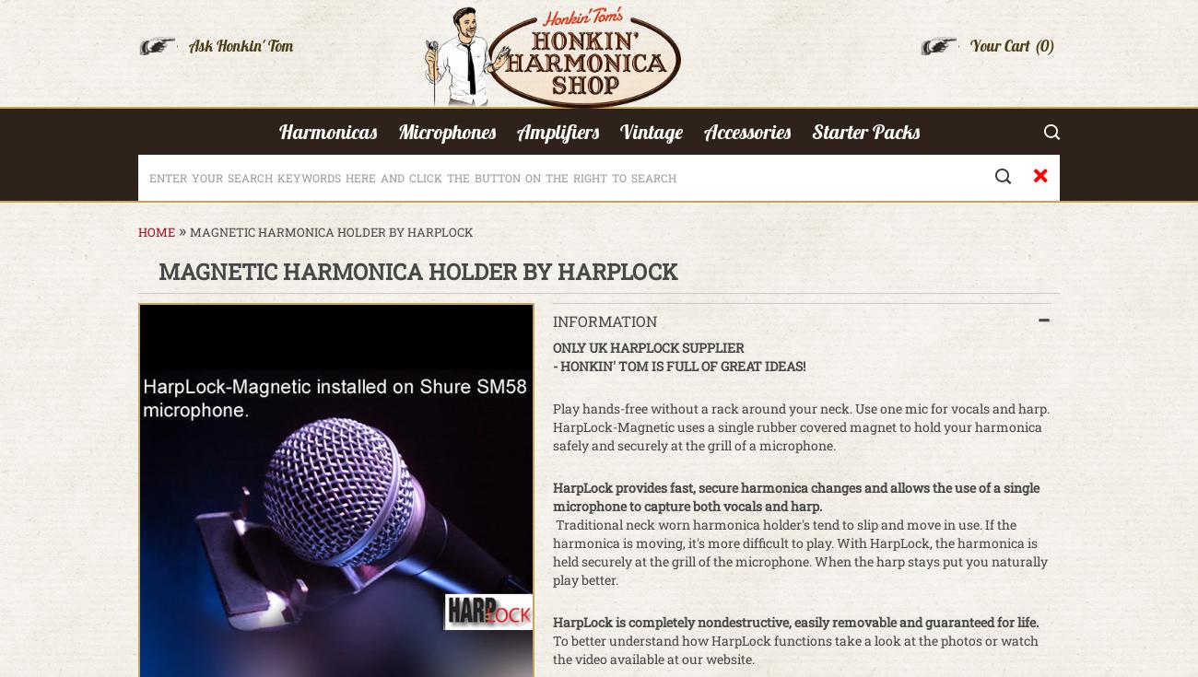  What do you see at coordinates (326, 131) in the screenshot?
I see `'Harmonicas'` at bounding box center [326, 131].